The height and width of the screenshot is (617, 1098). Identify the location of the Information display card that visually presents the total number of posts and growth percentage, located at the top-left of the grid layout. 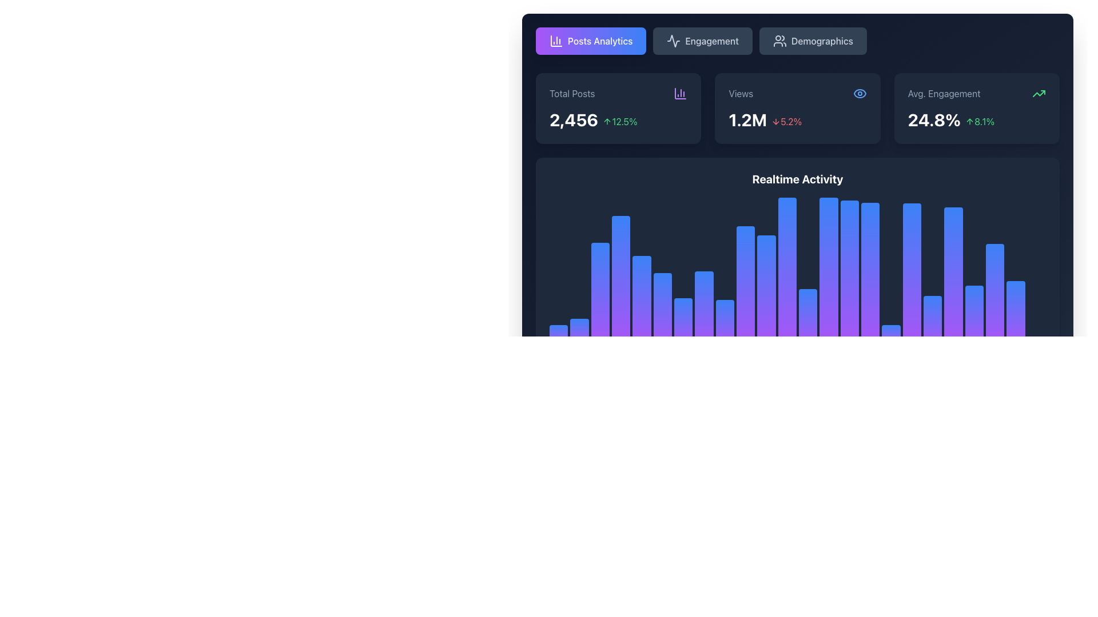
(618, 108).